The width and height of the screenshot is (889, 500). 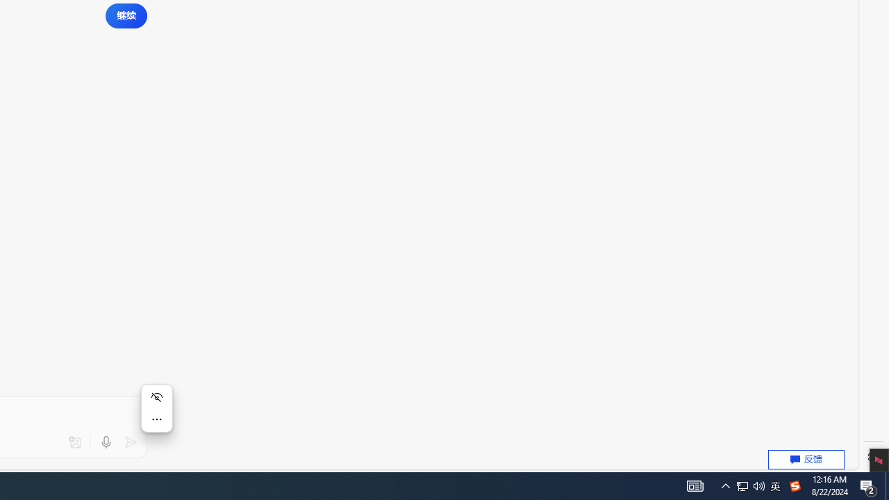 What do you see at coordinates (156, 397) in the screenshot?
I see `'Hide menu'` at bounding box center [156, 397].